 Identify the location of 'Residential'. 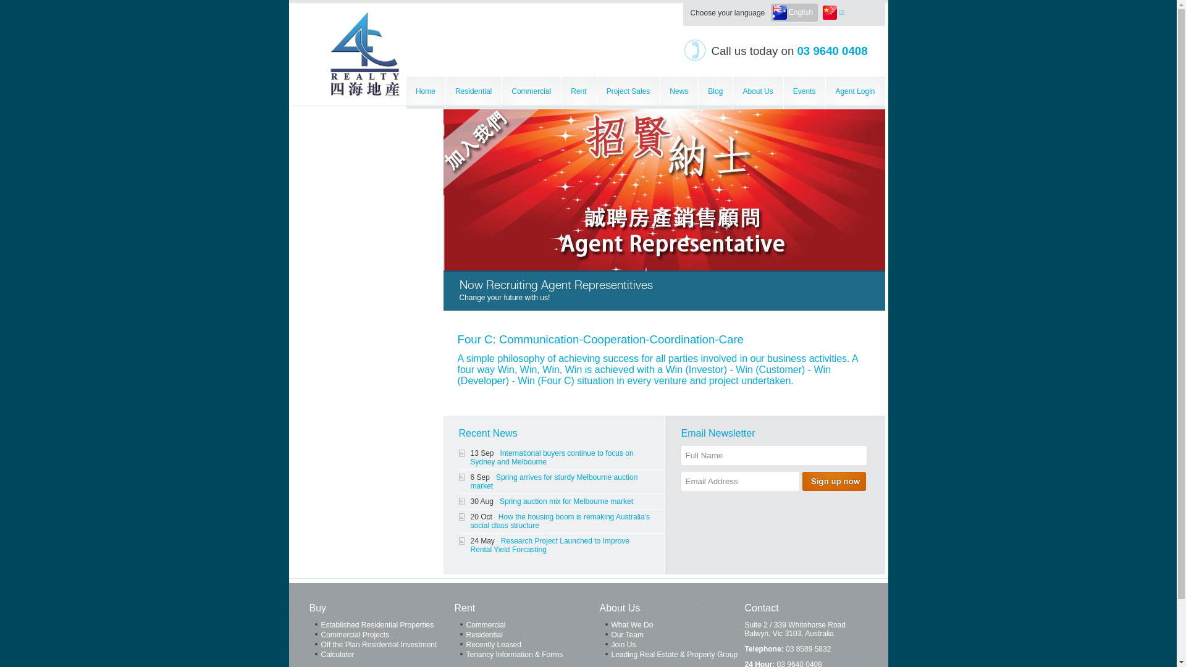
(473, 92).